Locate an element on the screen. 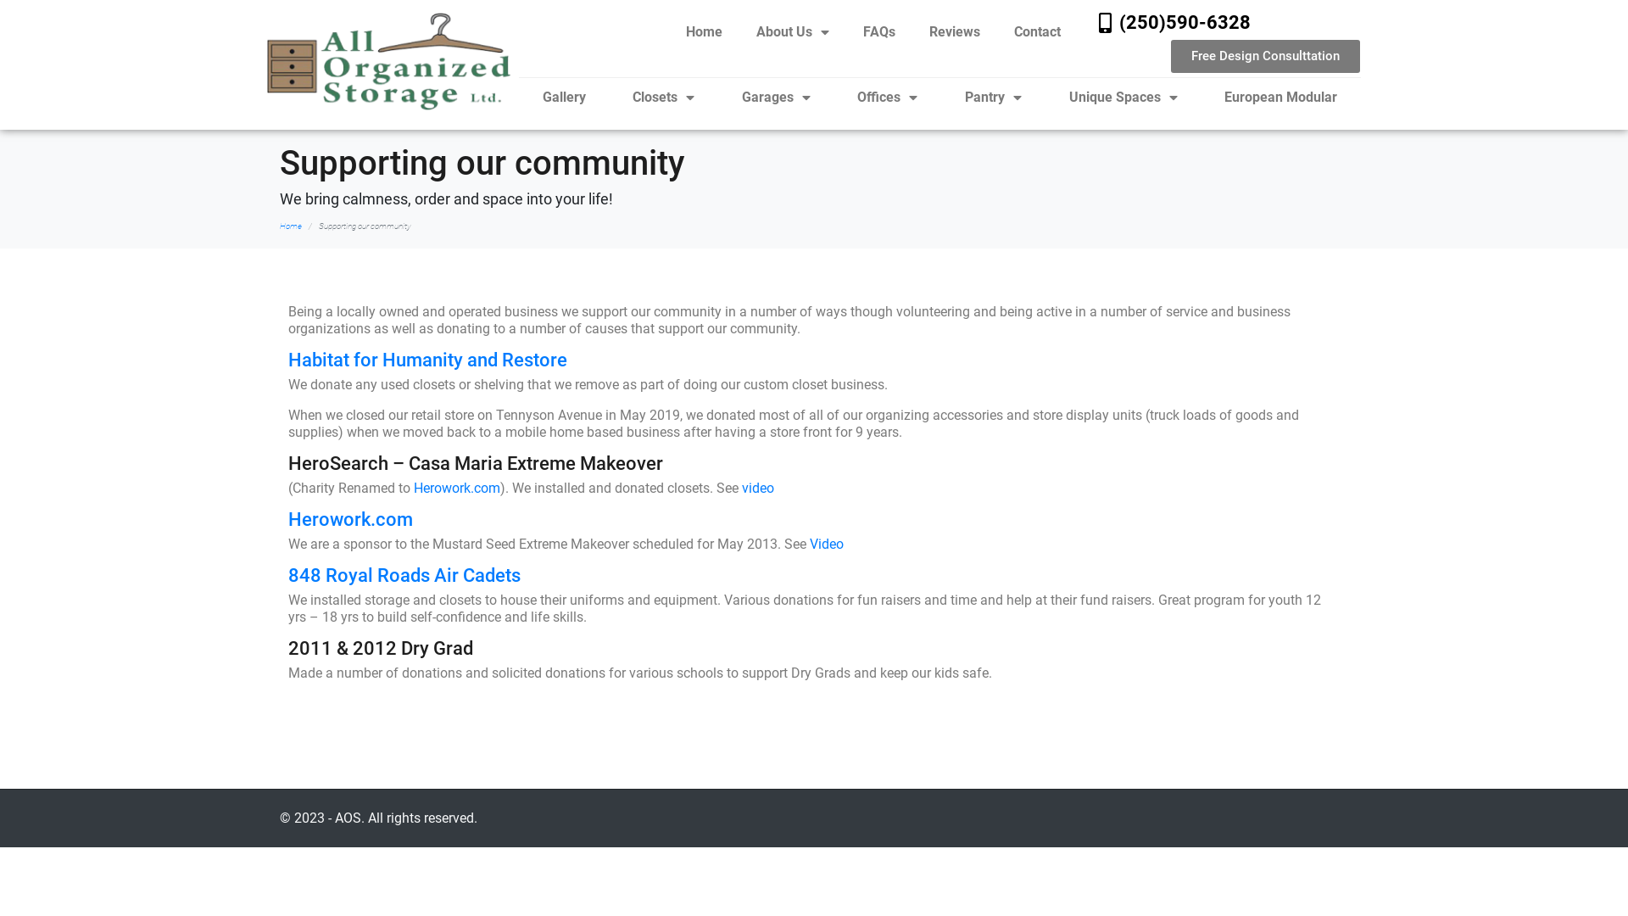  '(250)590-6328' is located at coordinates (1184, 22).